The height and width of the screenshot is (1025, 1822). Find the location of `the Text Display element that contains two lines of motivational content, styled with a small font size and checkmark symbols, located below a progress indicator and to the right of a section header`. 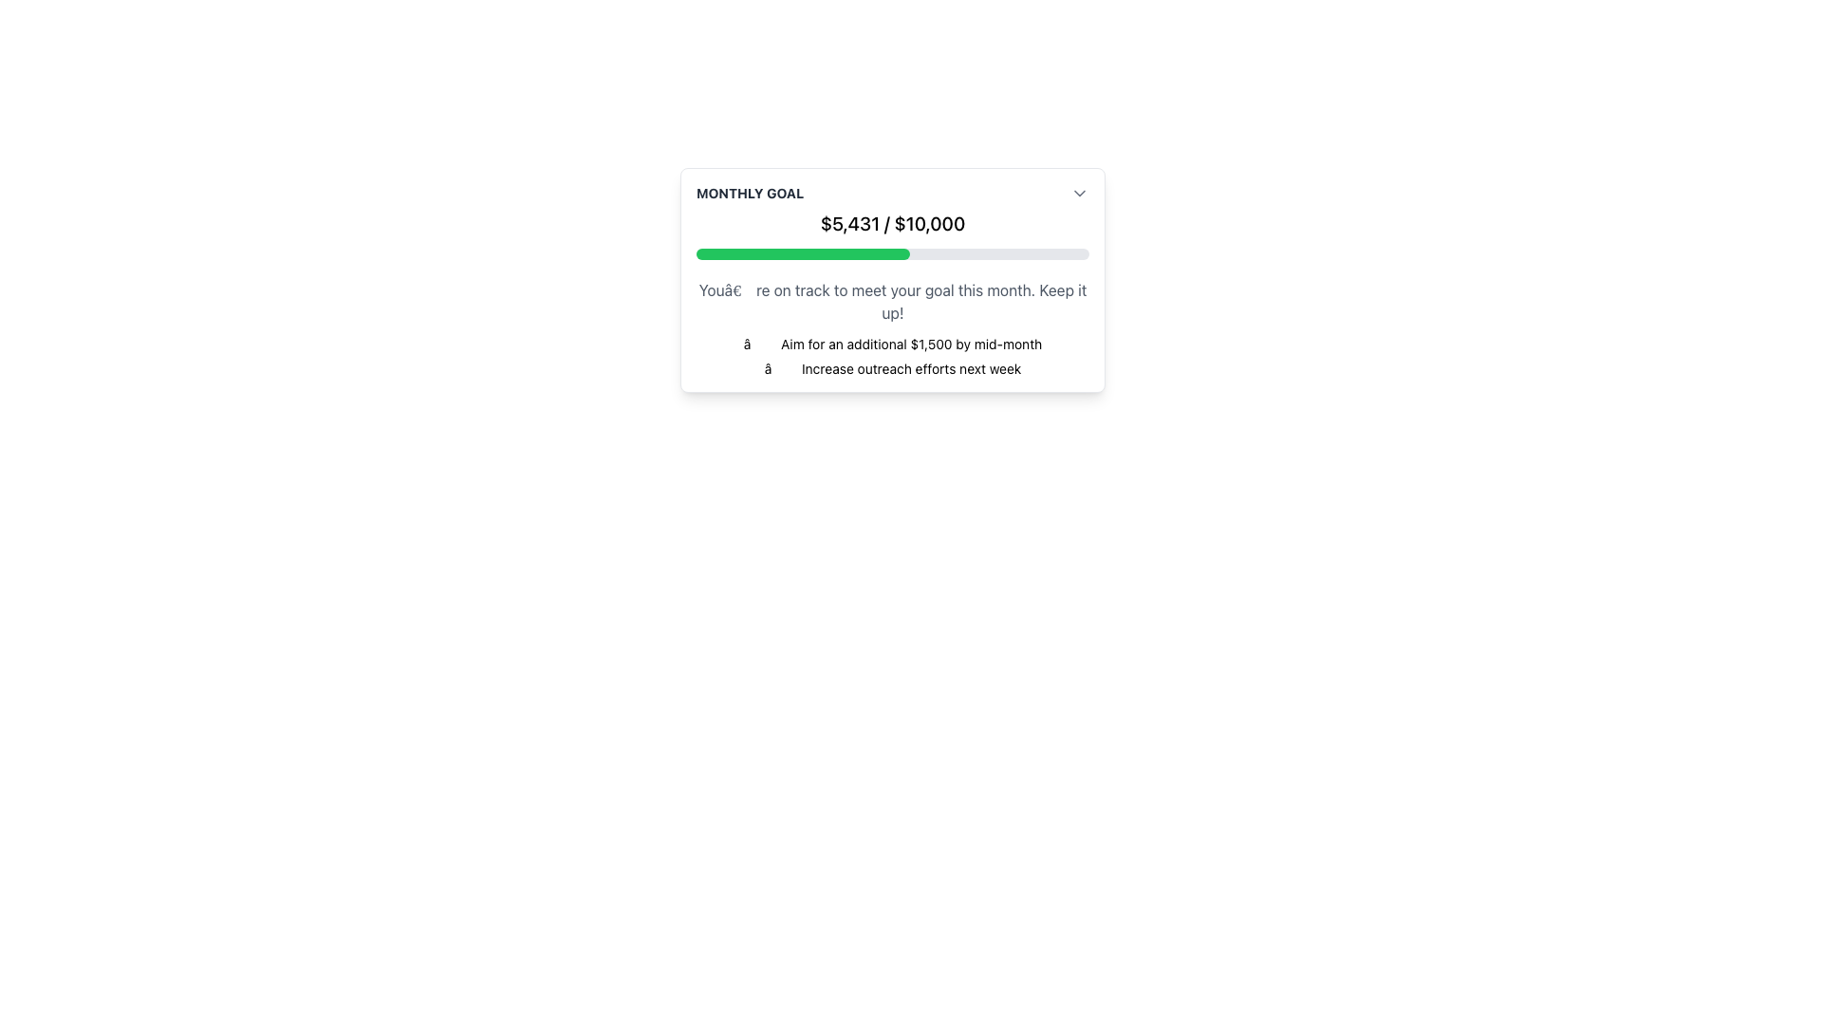

the Text Display element that contains two lines of motivational content, styled with a small font size and checkmark symbols, located below a progress indicator and to the right of a section header is located at coordinates (891, 355).